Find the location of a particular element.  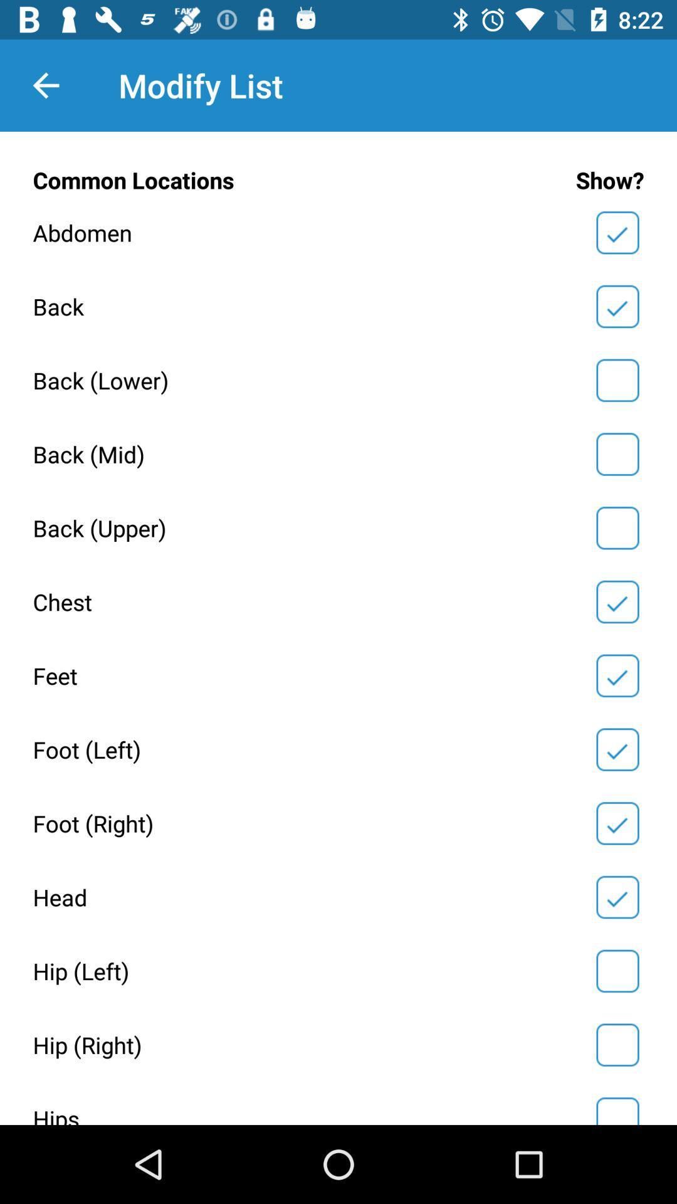

select/deselect back mid is located at coordinates (617, 453).